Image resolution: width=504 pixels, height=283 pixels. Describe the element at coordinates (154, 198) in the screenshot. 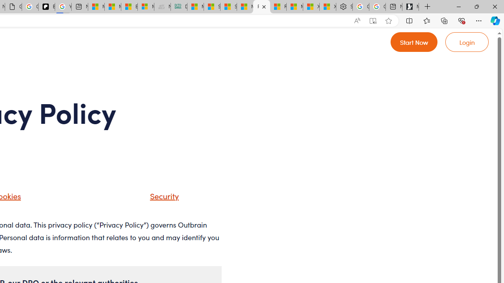

I see `'Security'` at that location.